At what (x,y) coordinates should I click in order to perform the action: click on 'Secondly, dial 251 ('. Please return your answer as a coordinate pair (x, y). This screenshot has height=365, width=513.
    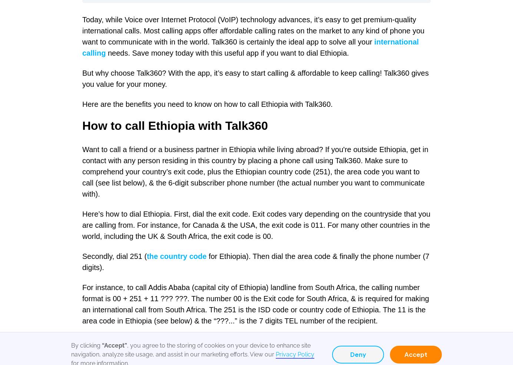
    Looking at the image, I should click on (115, 256).